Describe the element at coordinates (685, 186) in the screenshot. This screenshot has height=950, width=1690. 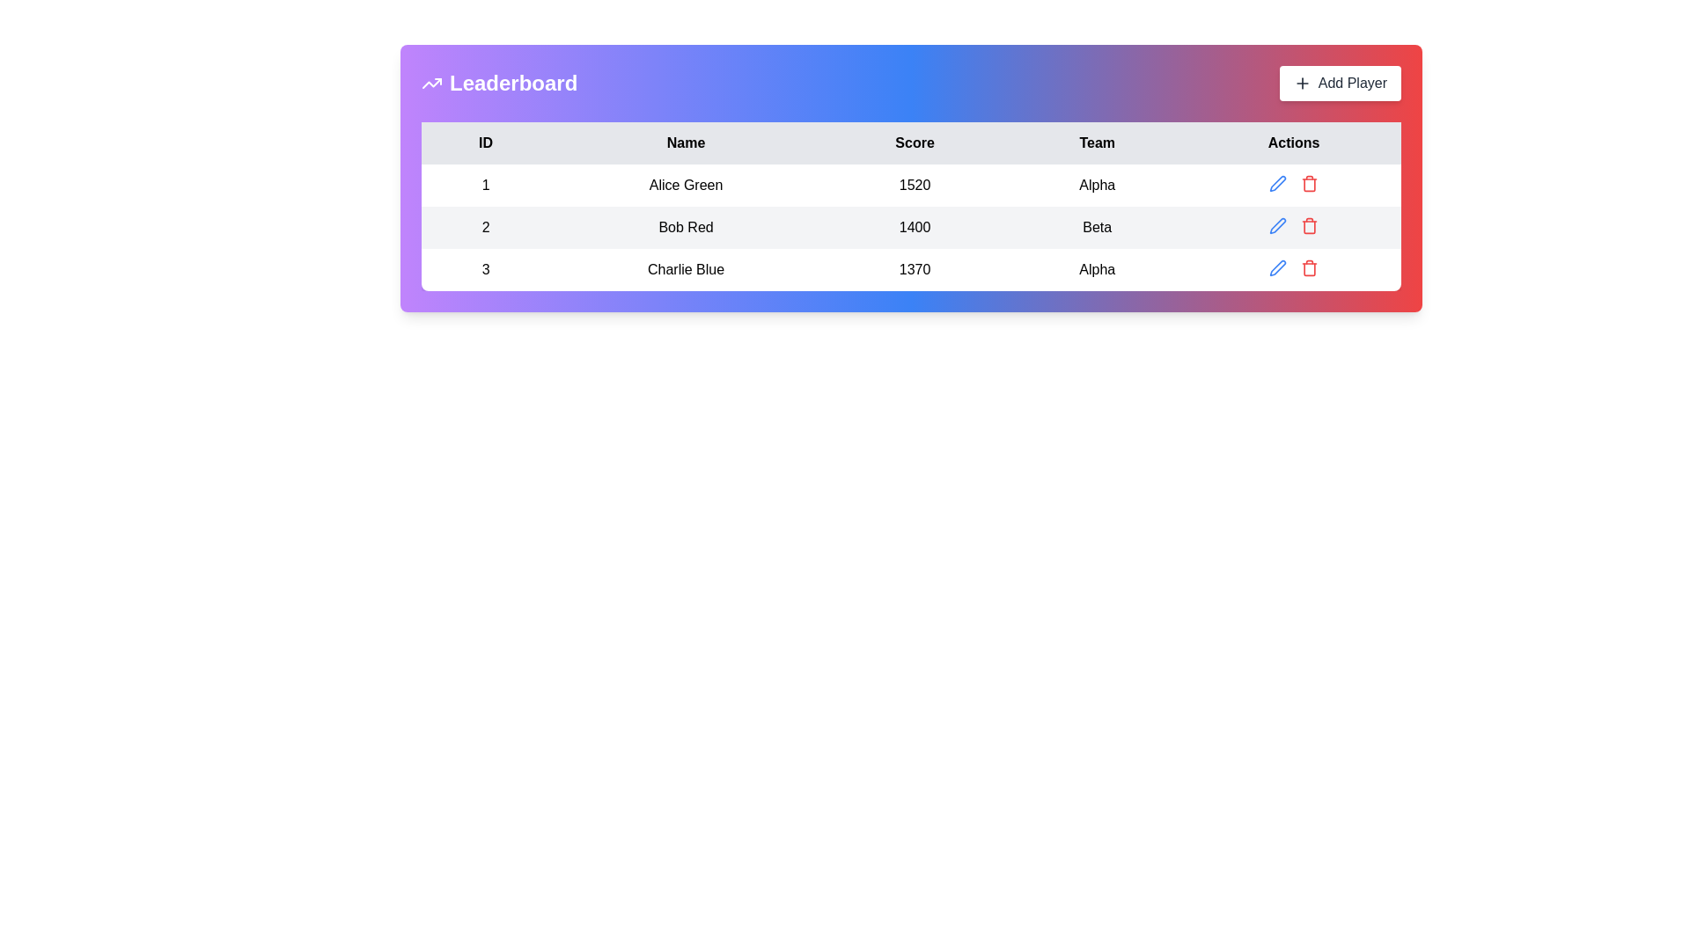
I see `text displayed in the user name label located in the second column of the first row of the leaderboard table` at that location.